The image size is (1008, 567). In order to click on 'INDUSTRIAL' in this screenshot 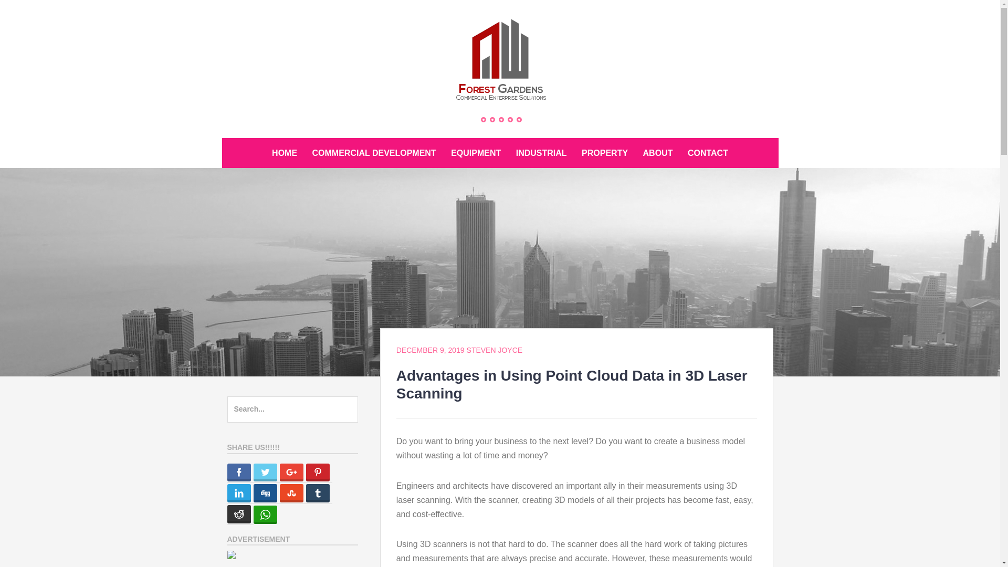, I will do `click(541, 153)`.